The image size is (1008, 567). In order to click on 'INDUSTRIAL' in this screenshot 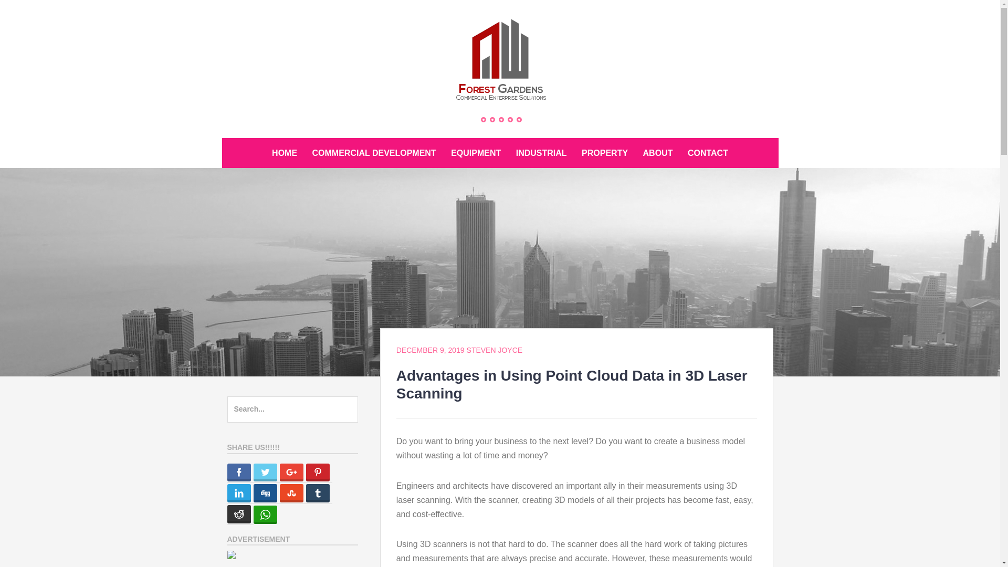, I will do `click(541, 153)`.